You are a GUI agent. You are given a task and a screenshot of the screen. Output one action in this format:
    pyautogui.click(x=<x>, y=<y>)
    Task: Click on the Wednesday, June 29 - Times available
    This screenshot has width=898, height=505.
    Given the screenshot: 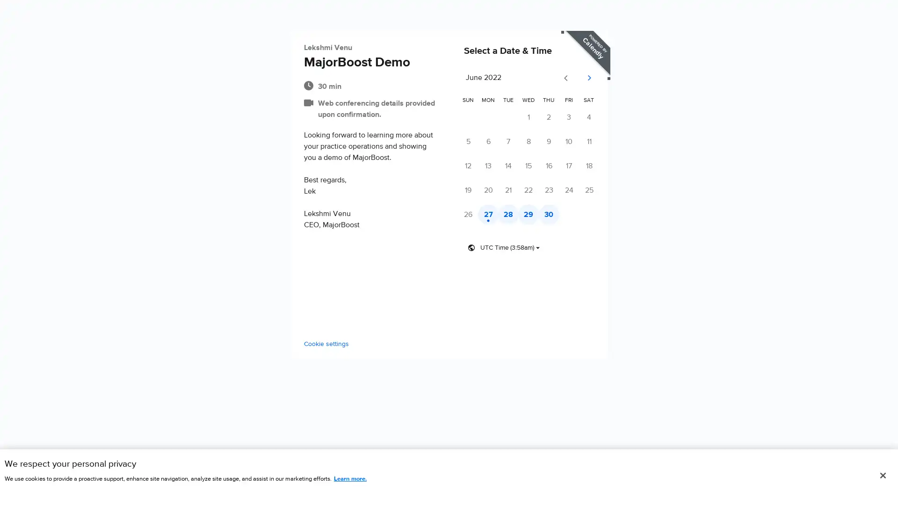 What is the action you would take?
    pyautogui.click(x=542, y=215)
    